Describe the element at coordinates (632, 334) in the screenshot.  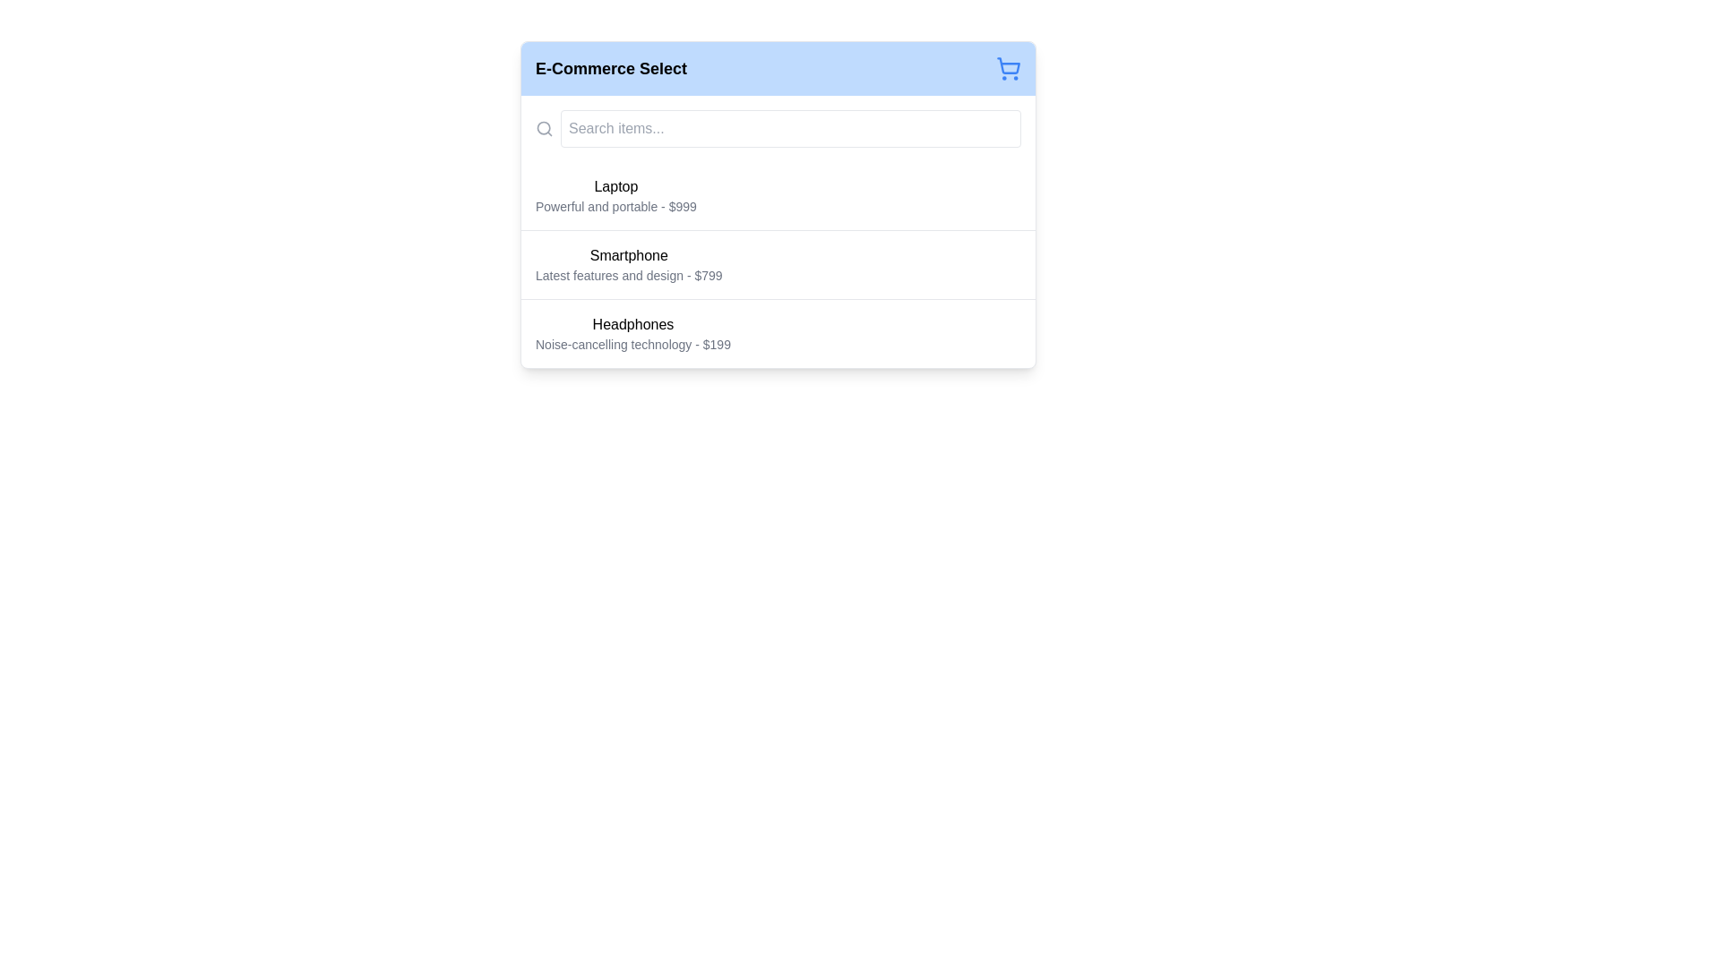
I see `the text label displaying product information for 'Headphones' priced at '$199', located under the header 'E-Commerce Select'` at that location.